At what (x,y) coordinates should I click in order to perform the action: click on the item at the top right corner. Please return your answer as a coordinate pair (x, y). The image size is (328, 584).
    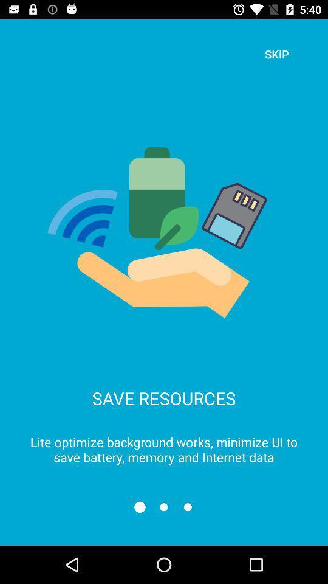
    Looking at the image, I should click on (276, 54).